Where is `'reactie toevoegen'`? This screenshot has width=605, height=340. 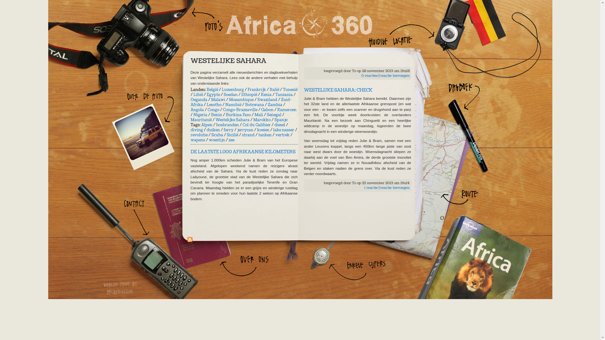 'reactie toevoegen' is located at coordinates (379, 75).